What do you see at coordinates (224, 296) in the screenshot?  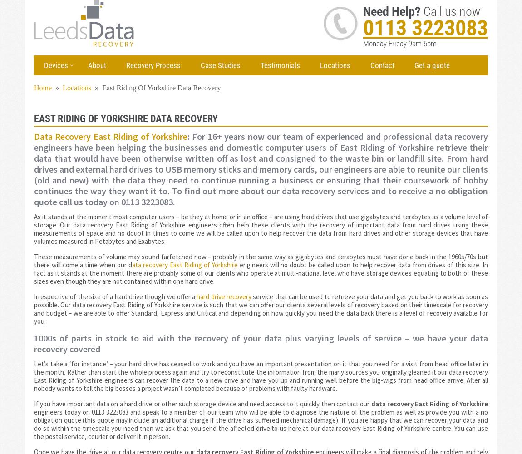 I see `'hard drive recovery'` at bounding box center [224, 296].